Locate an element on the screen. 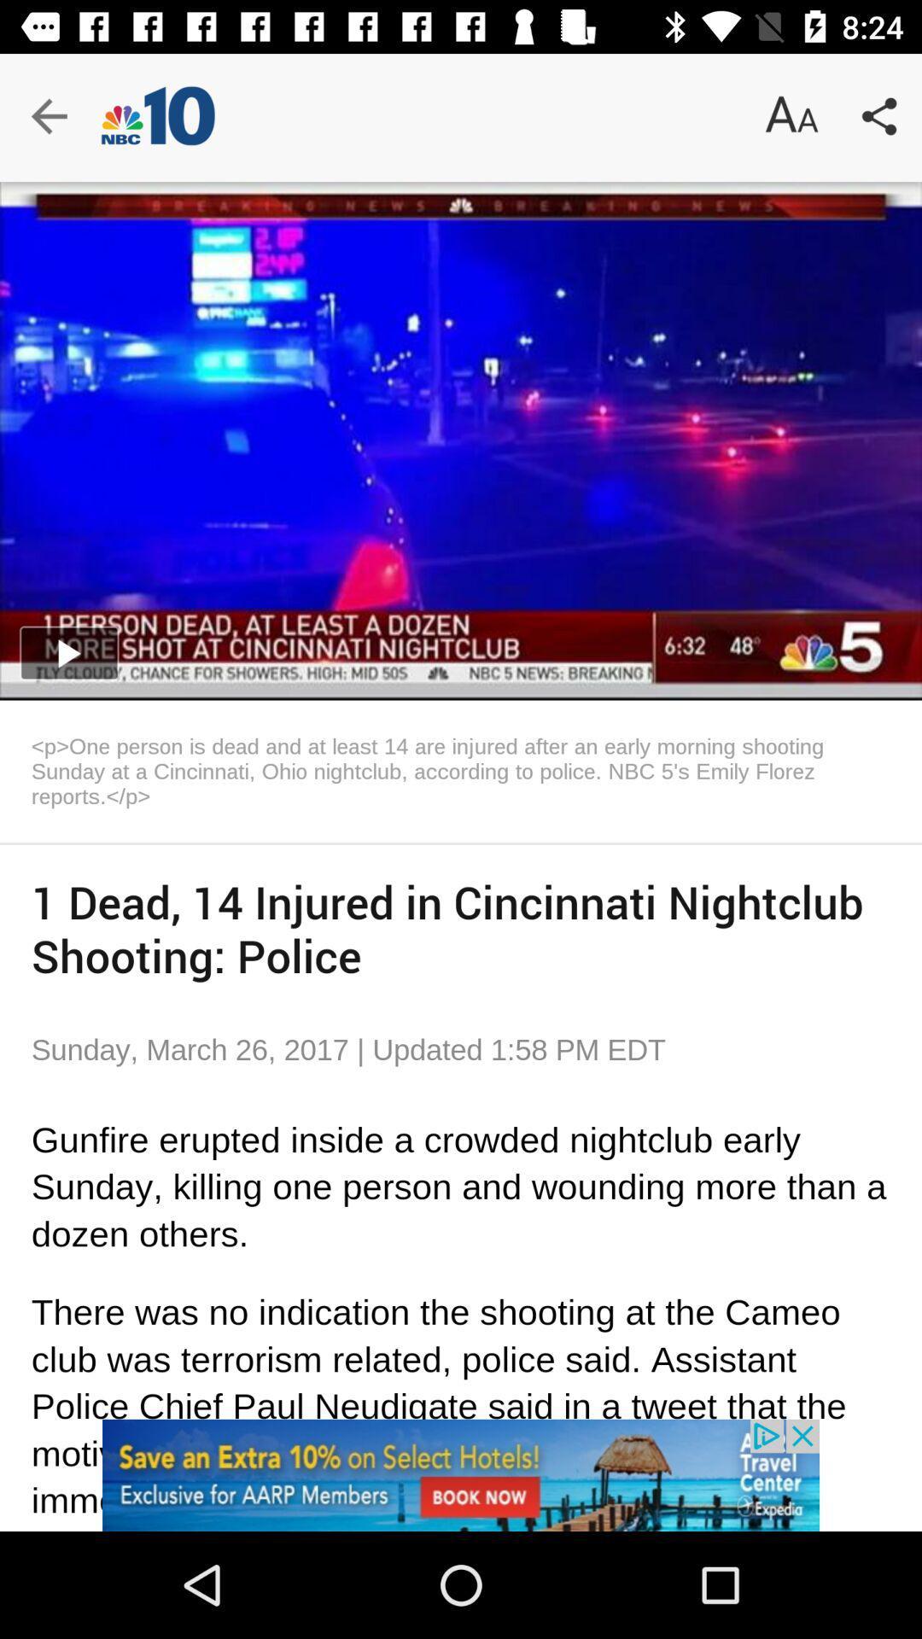 The width and height of the screenshot is (922, 1639). the play icon is located at coordinates (68, 651).